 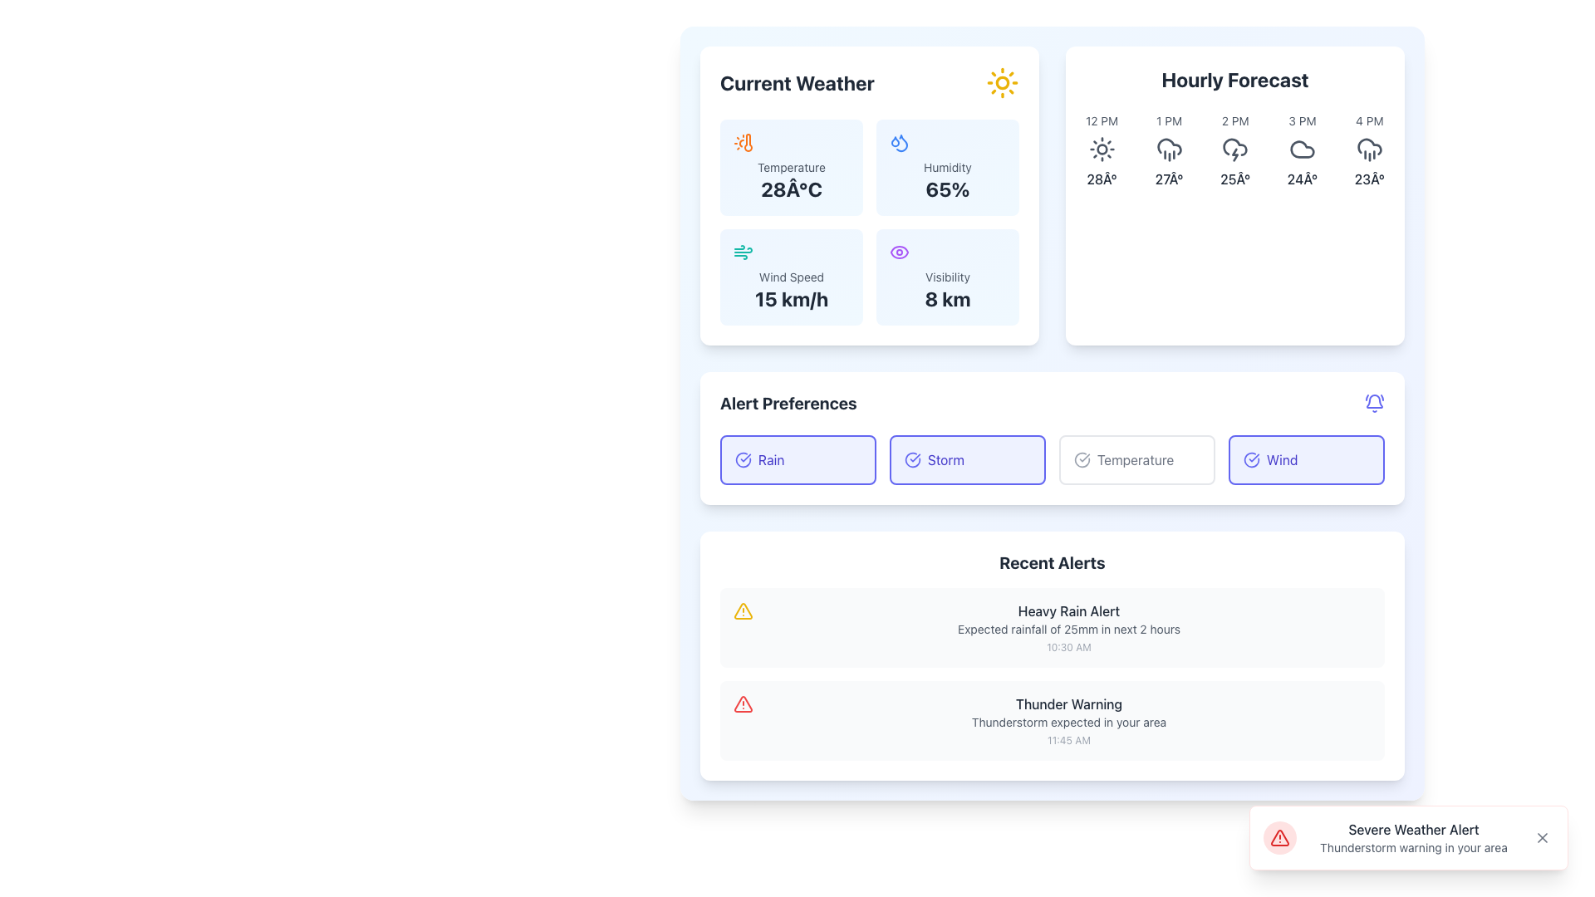 I want to click on text displayed in the gray medium-weight font labeled '27°' located in the 'Hourly Forecast' section under the '1 PM' label, so click(x=1168, y=179).